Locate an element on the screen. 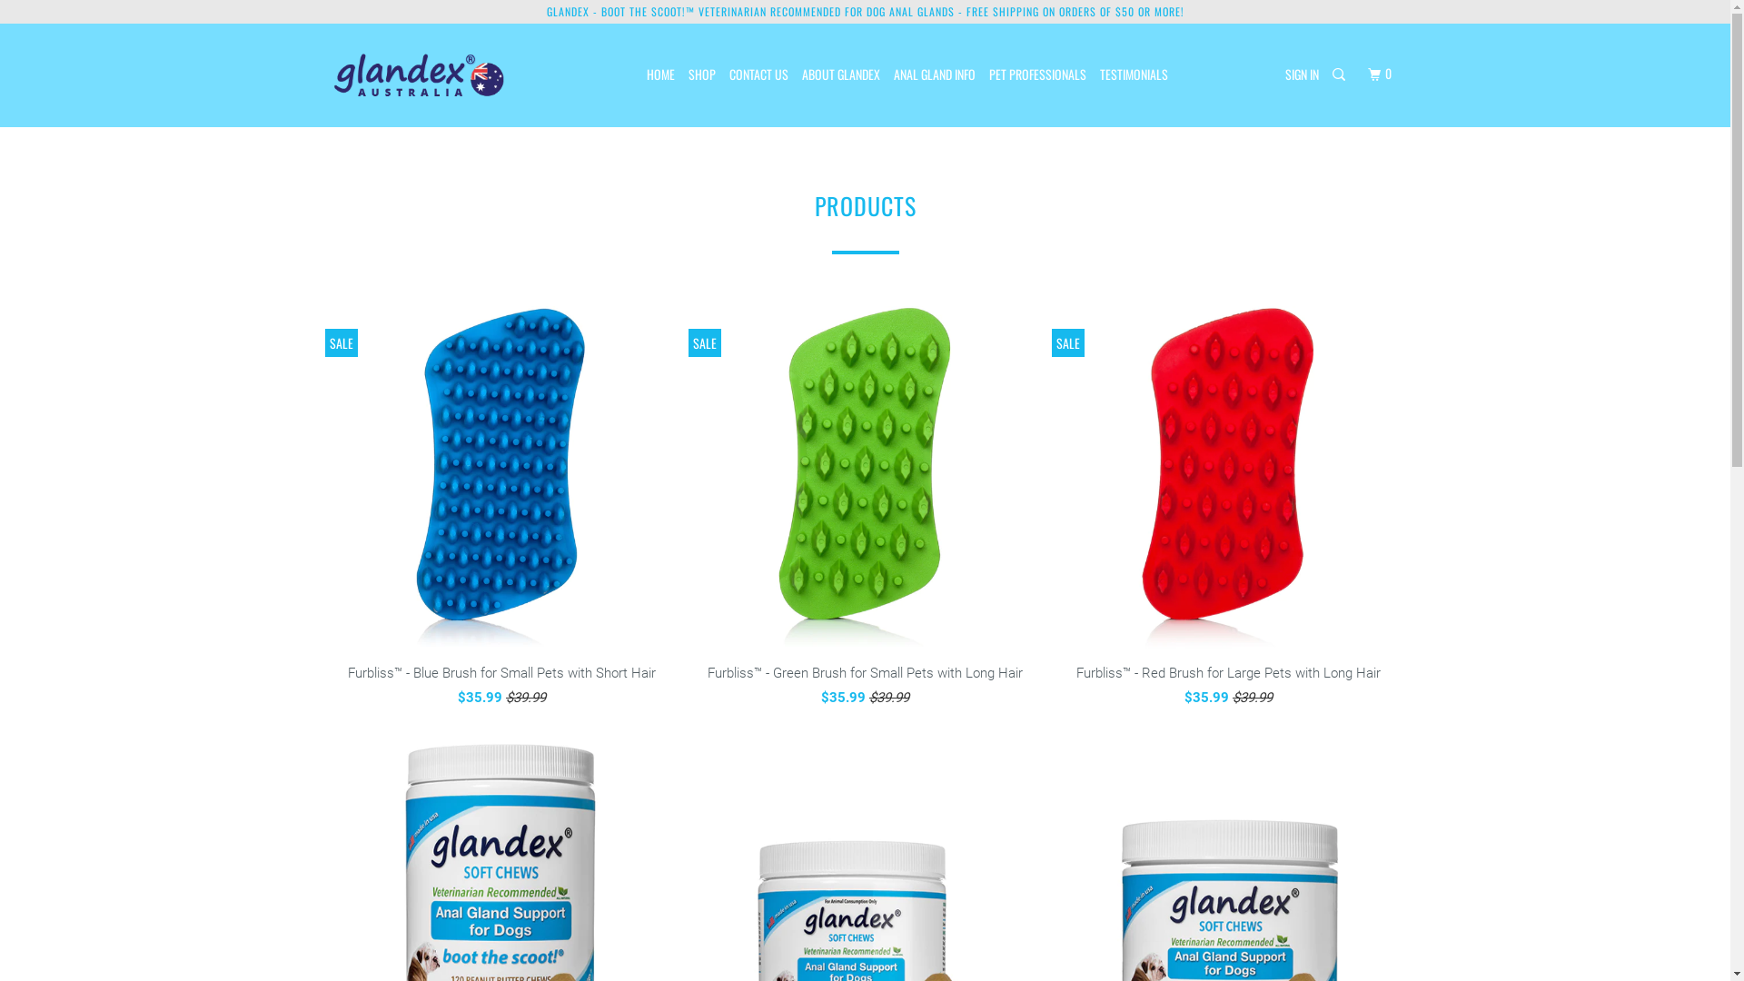 The image size is (1744, 981). 'PET PROFESSIONALS' is located at coordinates (1037, 73).